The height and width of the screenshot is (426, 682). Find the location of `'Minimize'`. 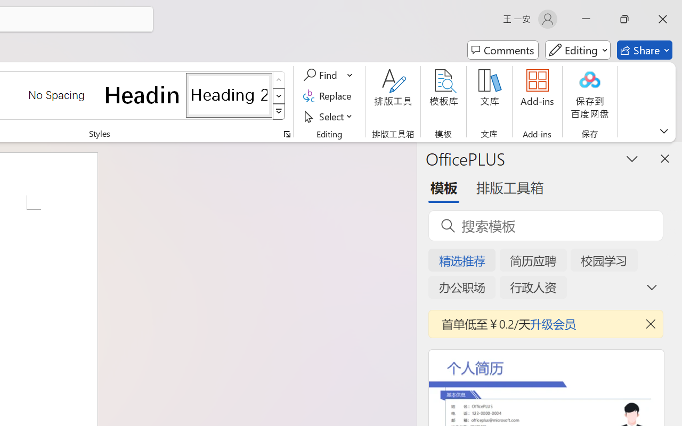

'Minimize' is located at coordinates (586, 19).